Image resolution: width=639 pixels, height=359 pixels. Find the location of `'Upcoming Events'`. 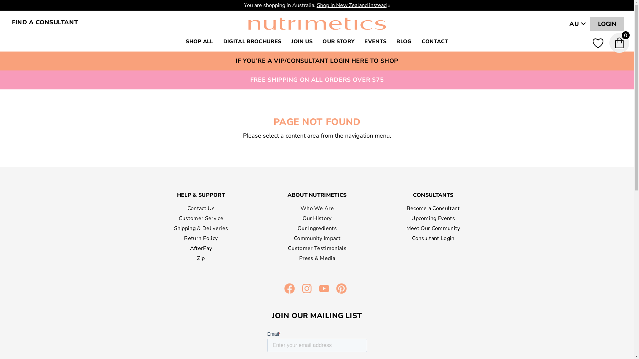

'Upcoming Events' is located at coordinates (433, 218).